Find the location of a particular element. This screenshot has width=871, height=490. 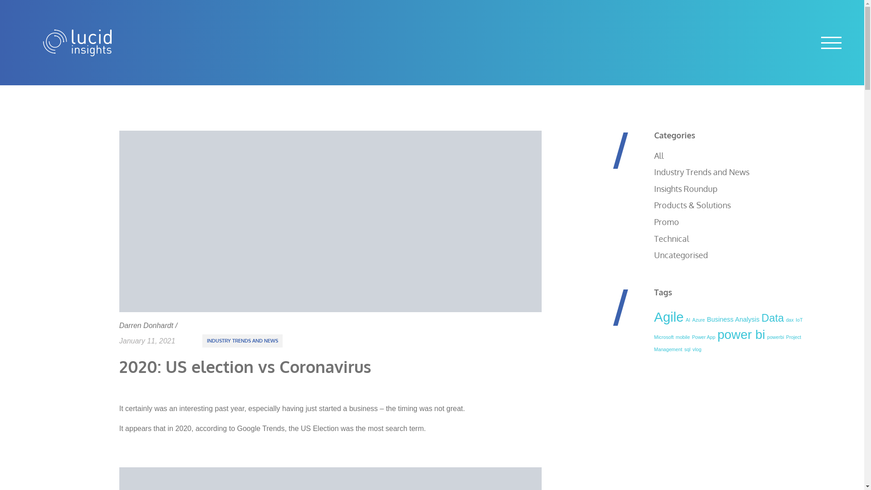

'mobile' is located at coordinates (683, 337).